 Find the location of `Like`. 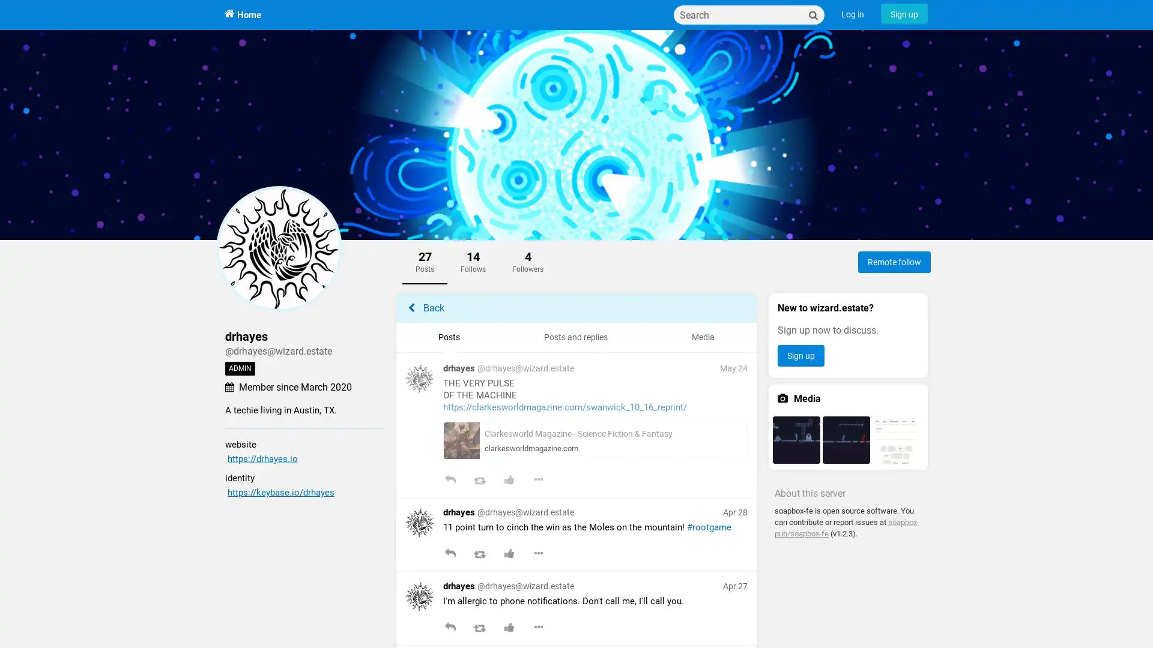

Like is located at coordinates (509, 481).